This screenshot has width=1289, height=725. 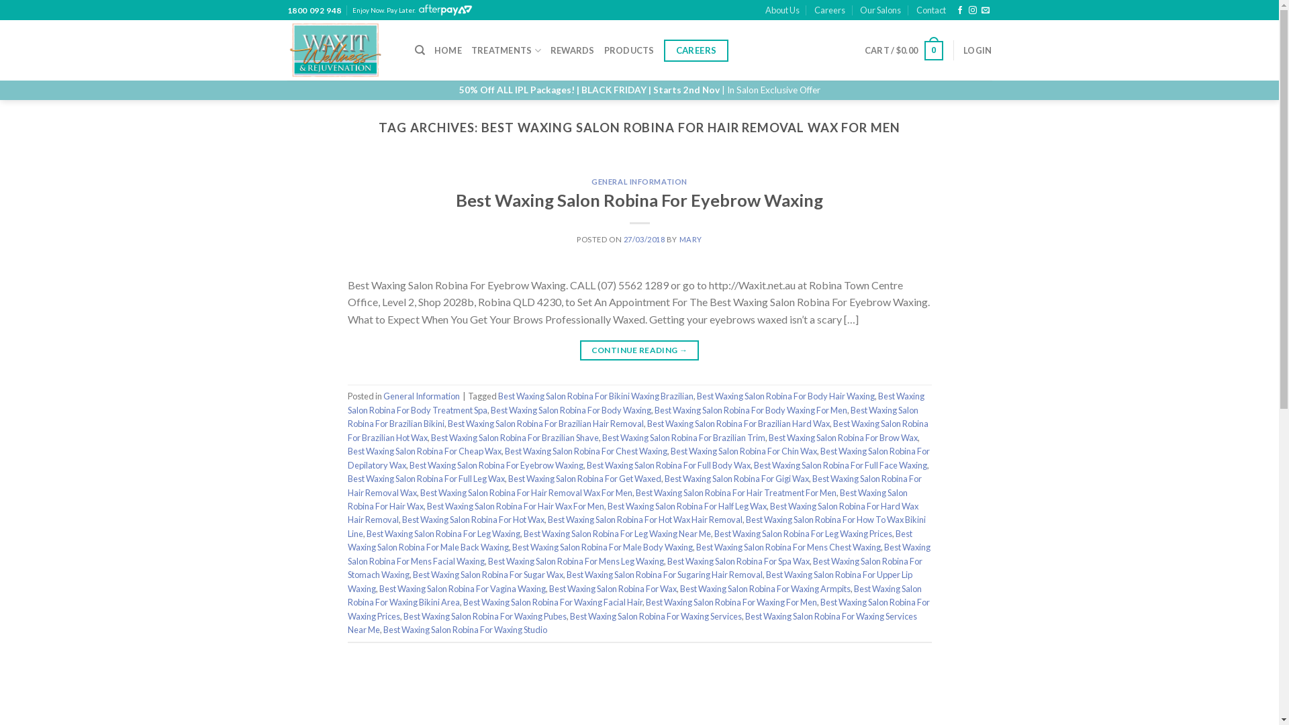 I want to click on 'Best Waxing Salon Robina For Hair Wax For Men', so click(x=515, y=505).